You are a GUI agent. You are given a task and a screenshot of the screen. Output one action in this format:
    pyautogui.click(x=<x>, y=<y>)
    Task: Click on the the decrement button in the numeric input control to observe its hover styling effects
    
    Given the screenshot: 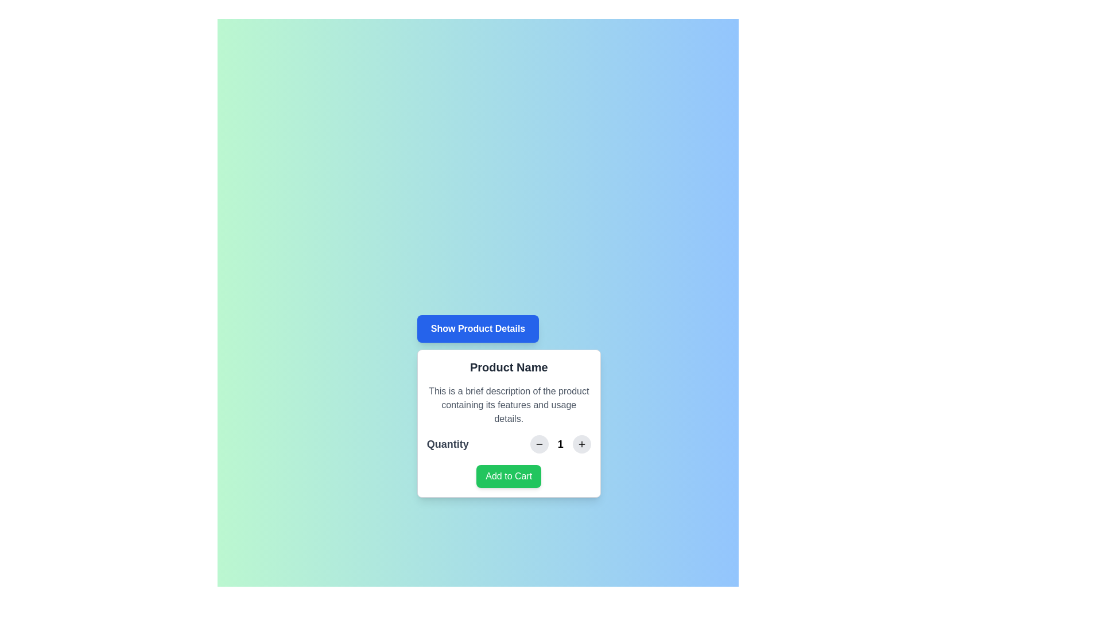 What is the action you would take?
    pyautogui.click(x=538, y=444)
    